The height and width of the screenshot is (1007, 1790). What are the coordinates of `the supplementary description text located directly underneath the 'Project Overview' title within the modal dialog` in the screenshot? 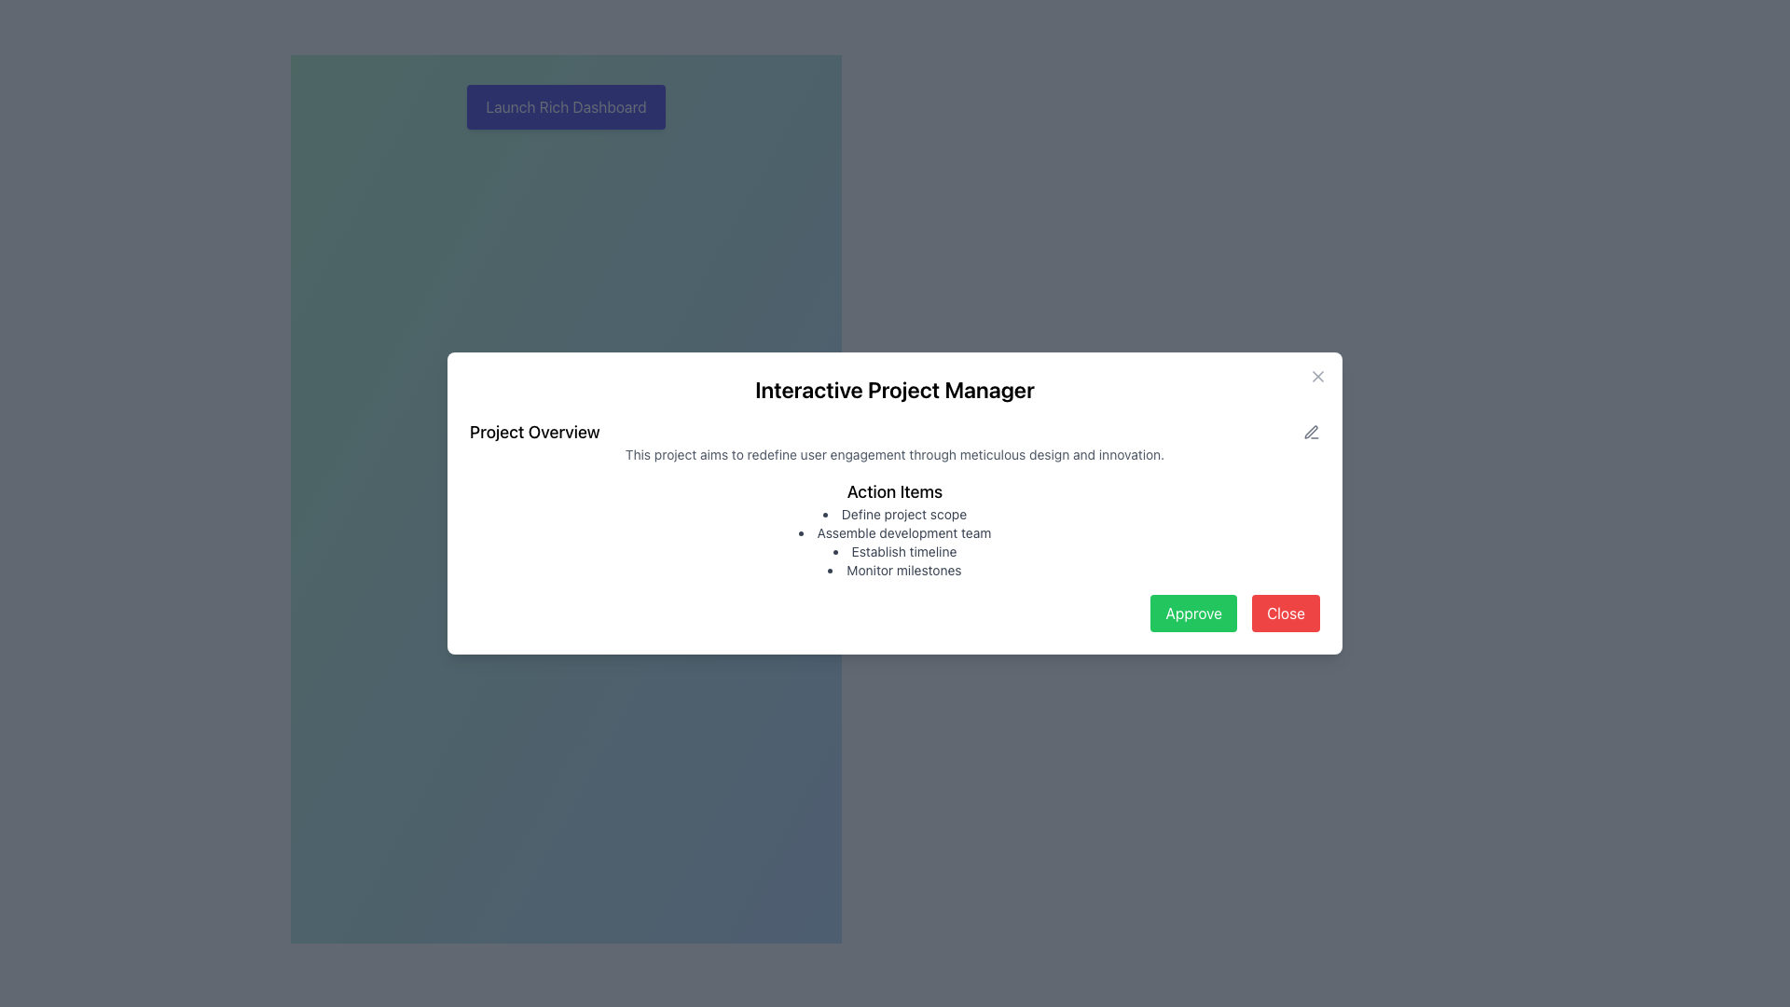 It's located at (895, 455).